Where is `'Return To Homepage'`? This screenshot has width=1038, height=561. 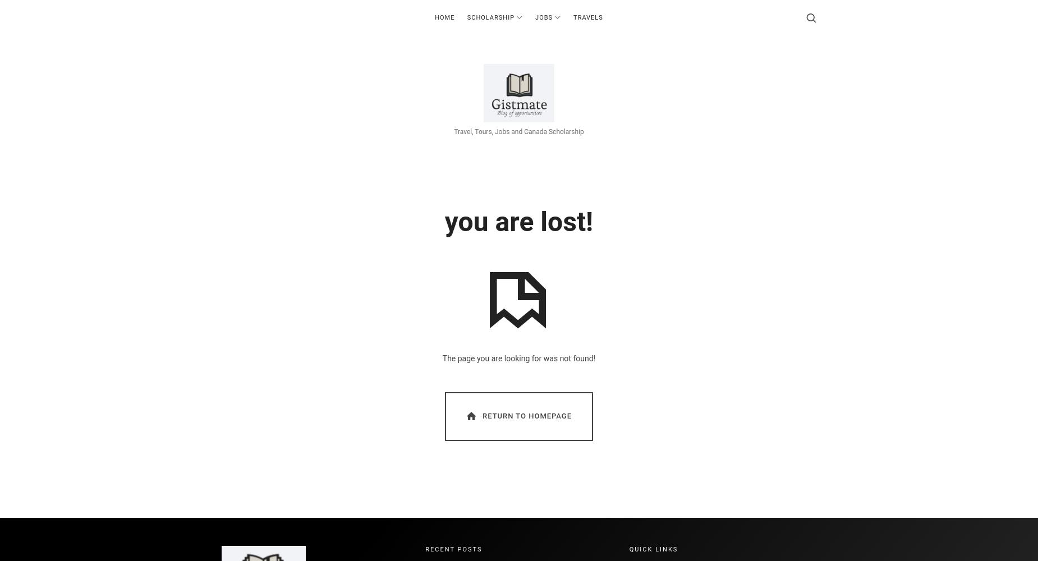 'Return To Homepage' is located at coordinates (483, 415).